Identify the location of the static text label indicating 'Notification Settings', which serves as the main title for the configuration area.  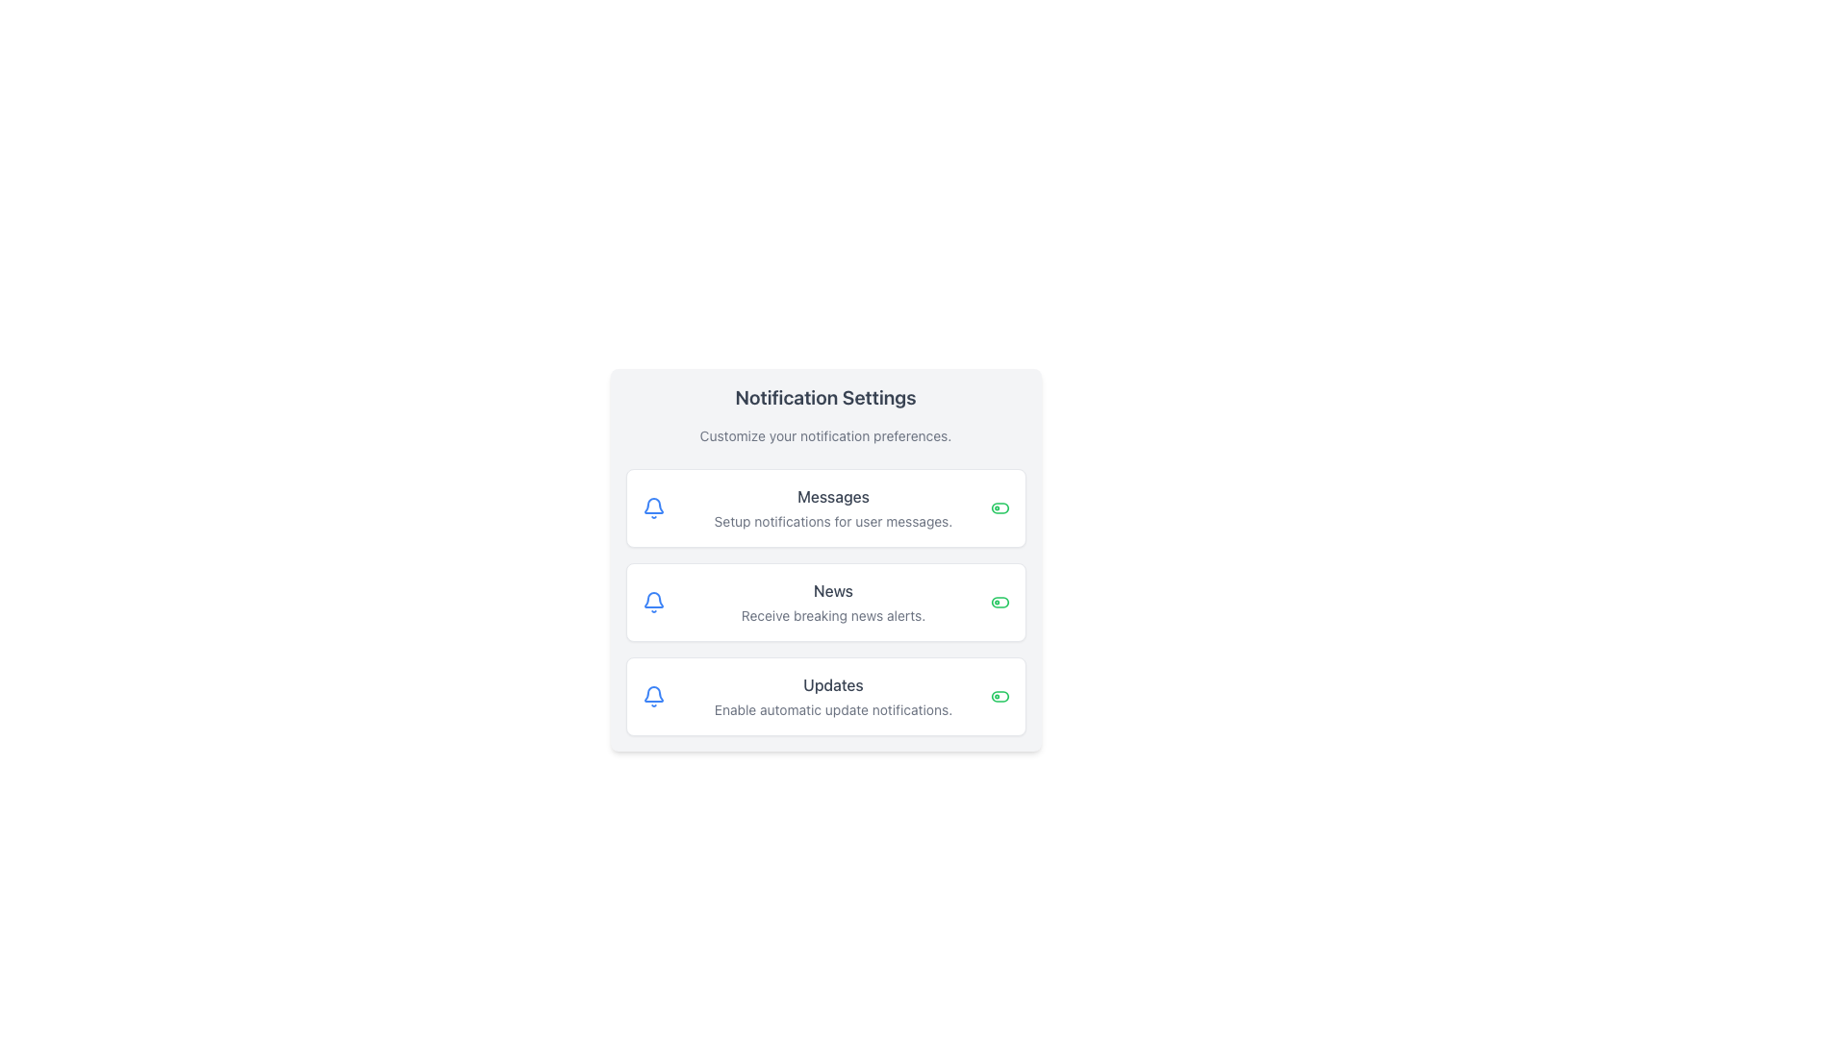
(825, 396).